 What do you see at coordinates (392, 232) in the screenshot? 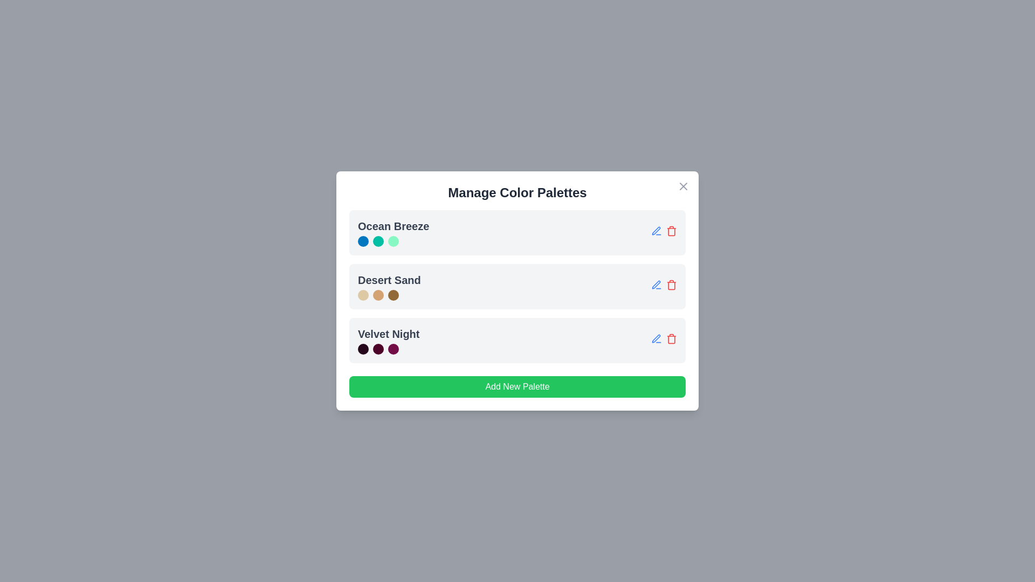
I see `the palette name Ocean Breeze to view its details` at bounding box center [392, 232].